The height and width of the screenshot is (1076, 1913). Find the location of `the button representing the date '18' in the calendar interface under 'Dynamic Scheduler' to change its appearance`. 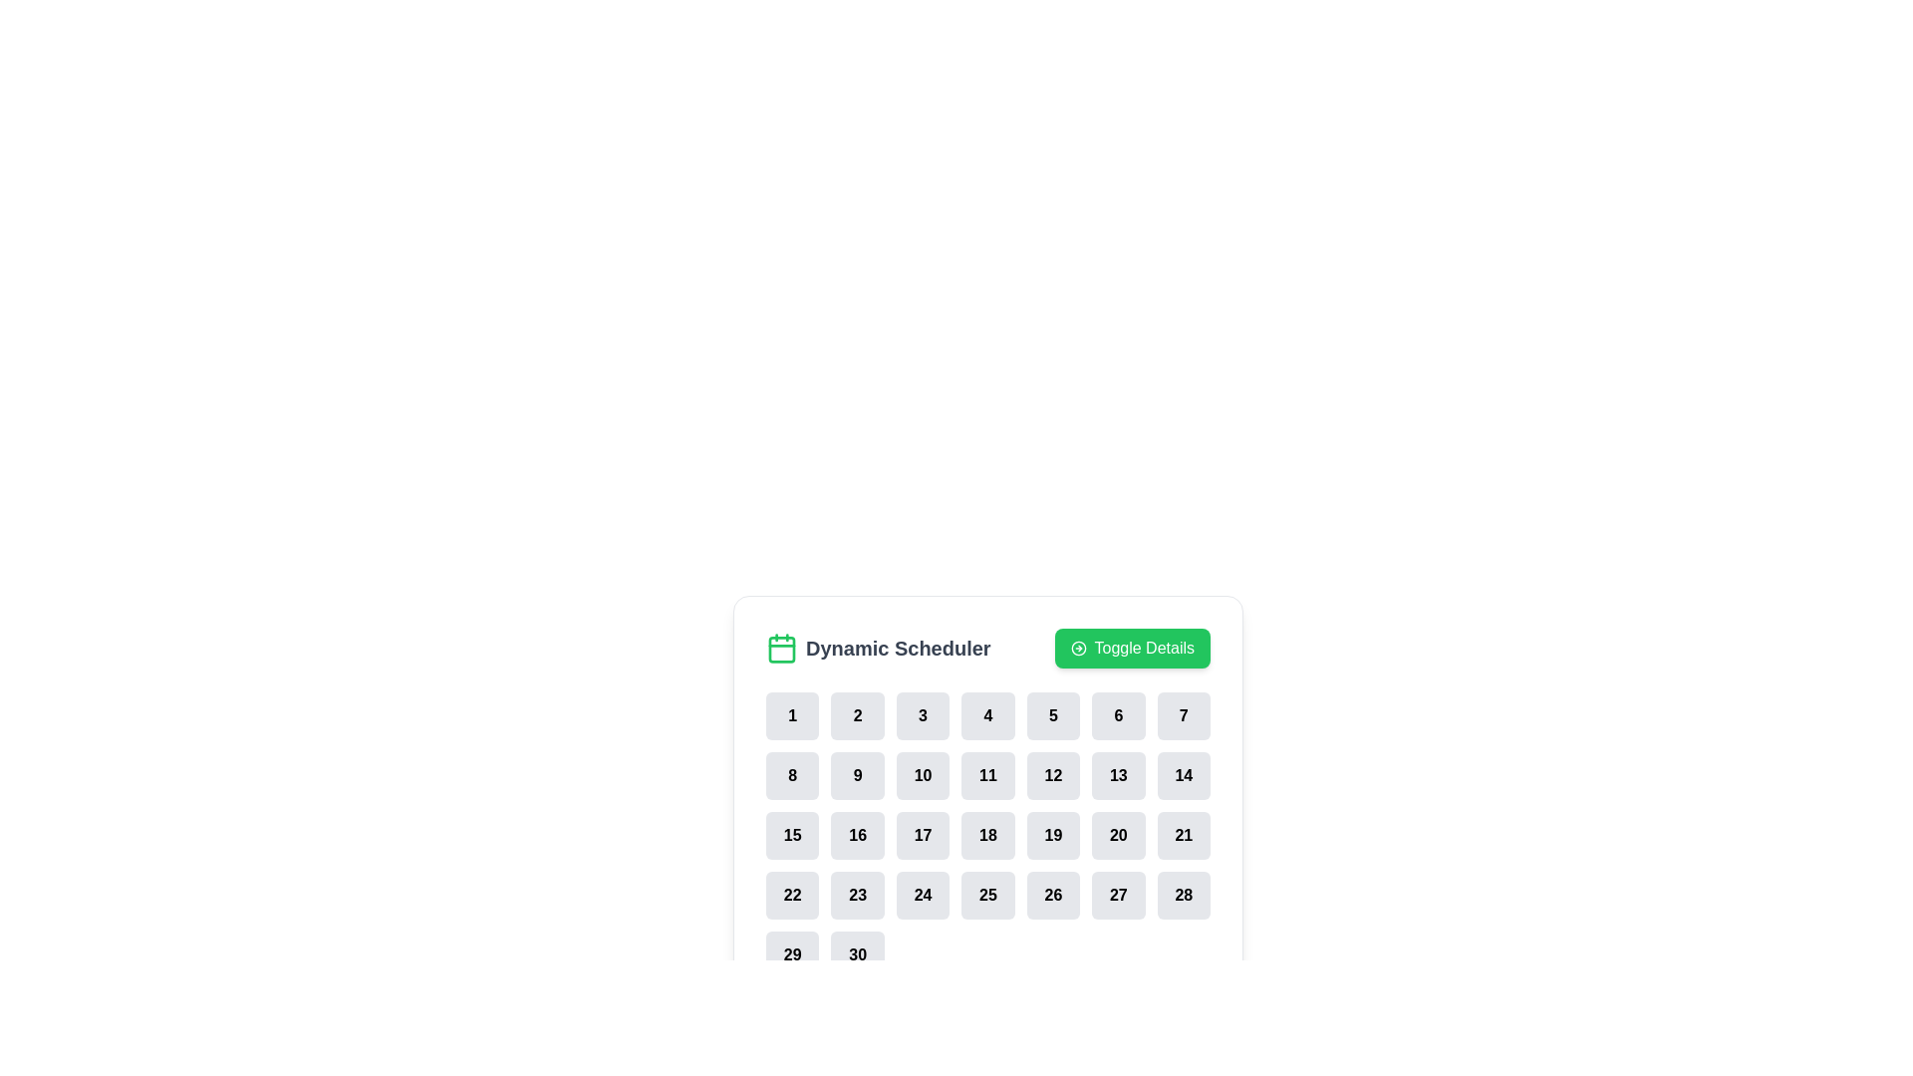

the button representing the date '18' in the calendar interface under 'Dynamic Scheduler' to change its appearance is located at coordinates (988, 836).